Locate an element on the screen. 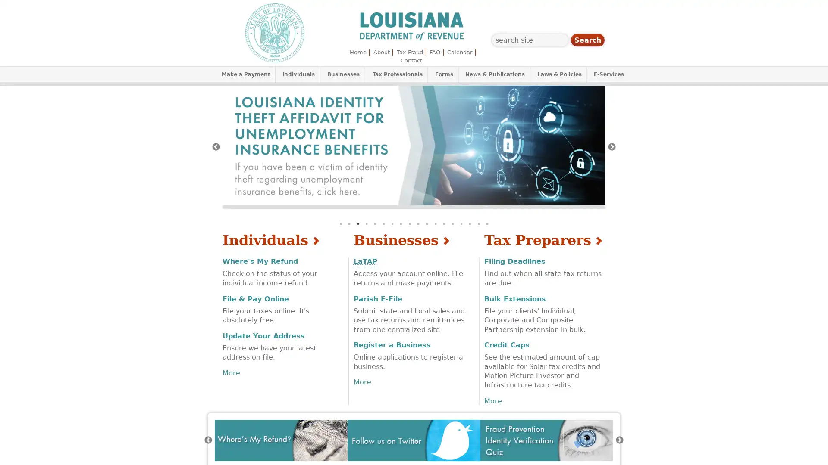 This screenshot has width=828, height=465. 5 is located at coordinates (375, 223).